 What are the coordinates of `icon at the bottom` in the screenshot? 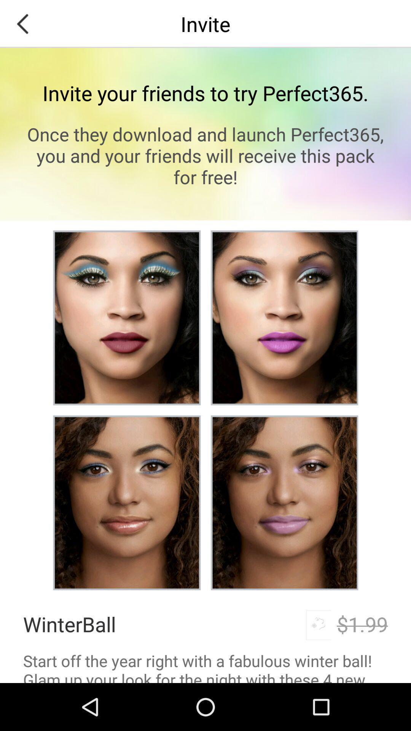 It's located at (205, 666).